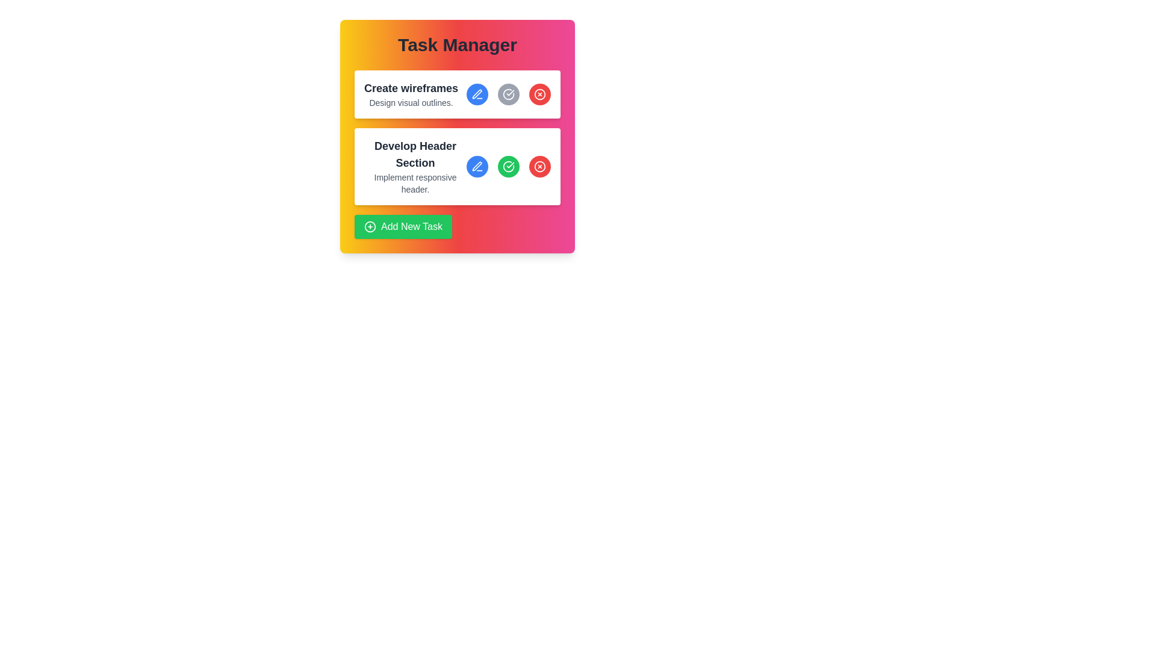 This screenshot has height=650, width=1156. I want to click on the first button in the second task operation group, which is located to the left of a green checkmark button and right of the task title, to invoke the edit action, so click(476, 167).